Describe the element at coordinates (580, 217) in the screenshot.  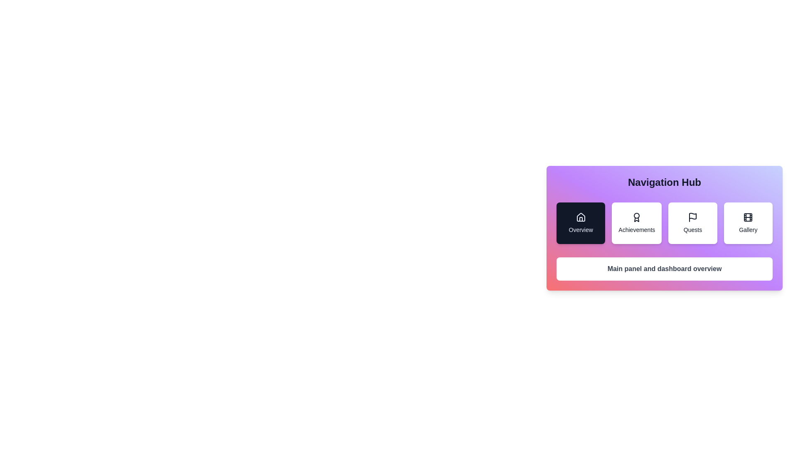
I see `the house-shaped icon in the Navigation Hub section` at that location.